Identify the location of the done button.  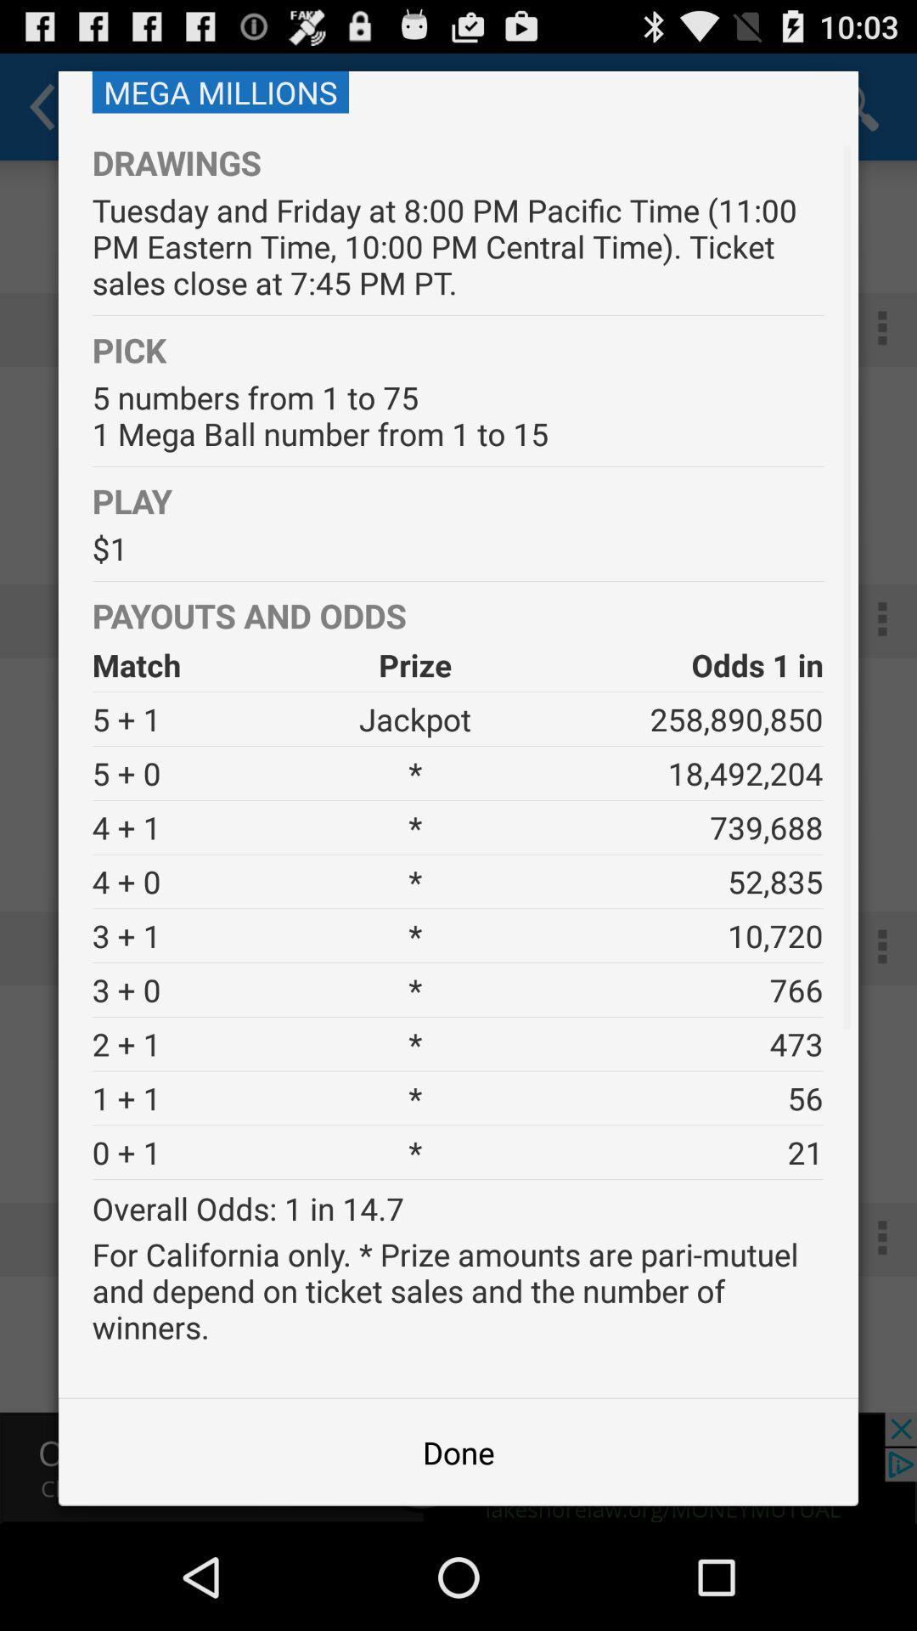
(458, 1451).